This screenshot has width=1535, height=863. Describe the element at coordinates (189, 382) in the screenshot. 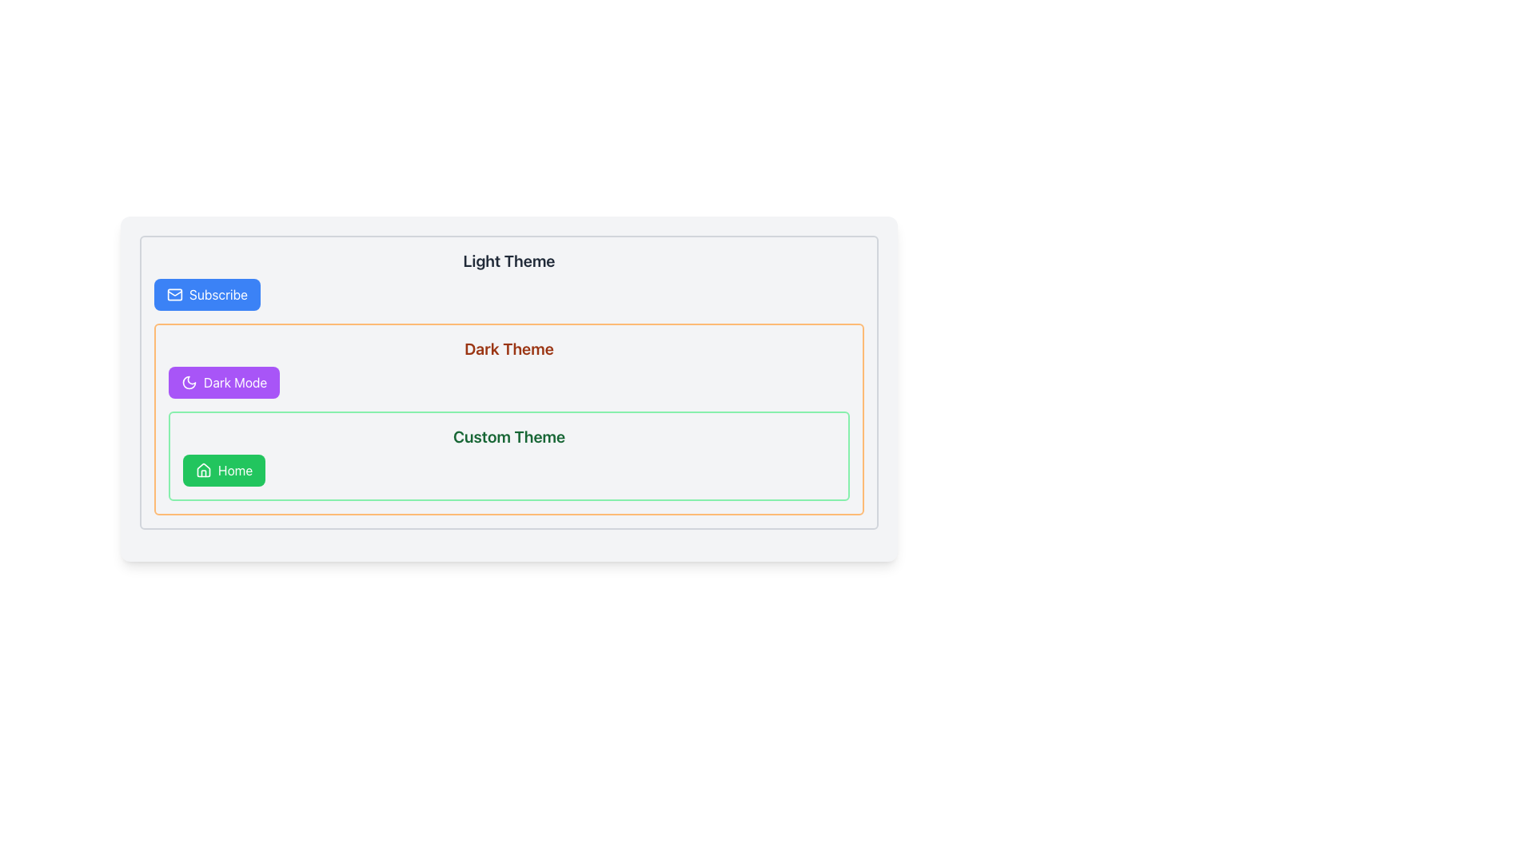

I see `the dark mode toggle icon located within the 'Dark Mode' box, positioned to the left of the text` at that location.